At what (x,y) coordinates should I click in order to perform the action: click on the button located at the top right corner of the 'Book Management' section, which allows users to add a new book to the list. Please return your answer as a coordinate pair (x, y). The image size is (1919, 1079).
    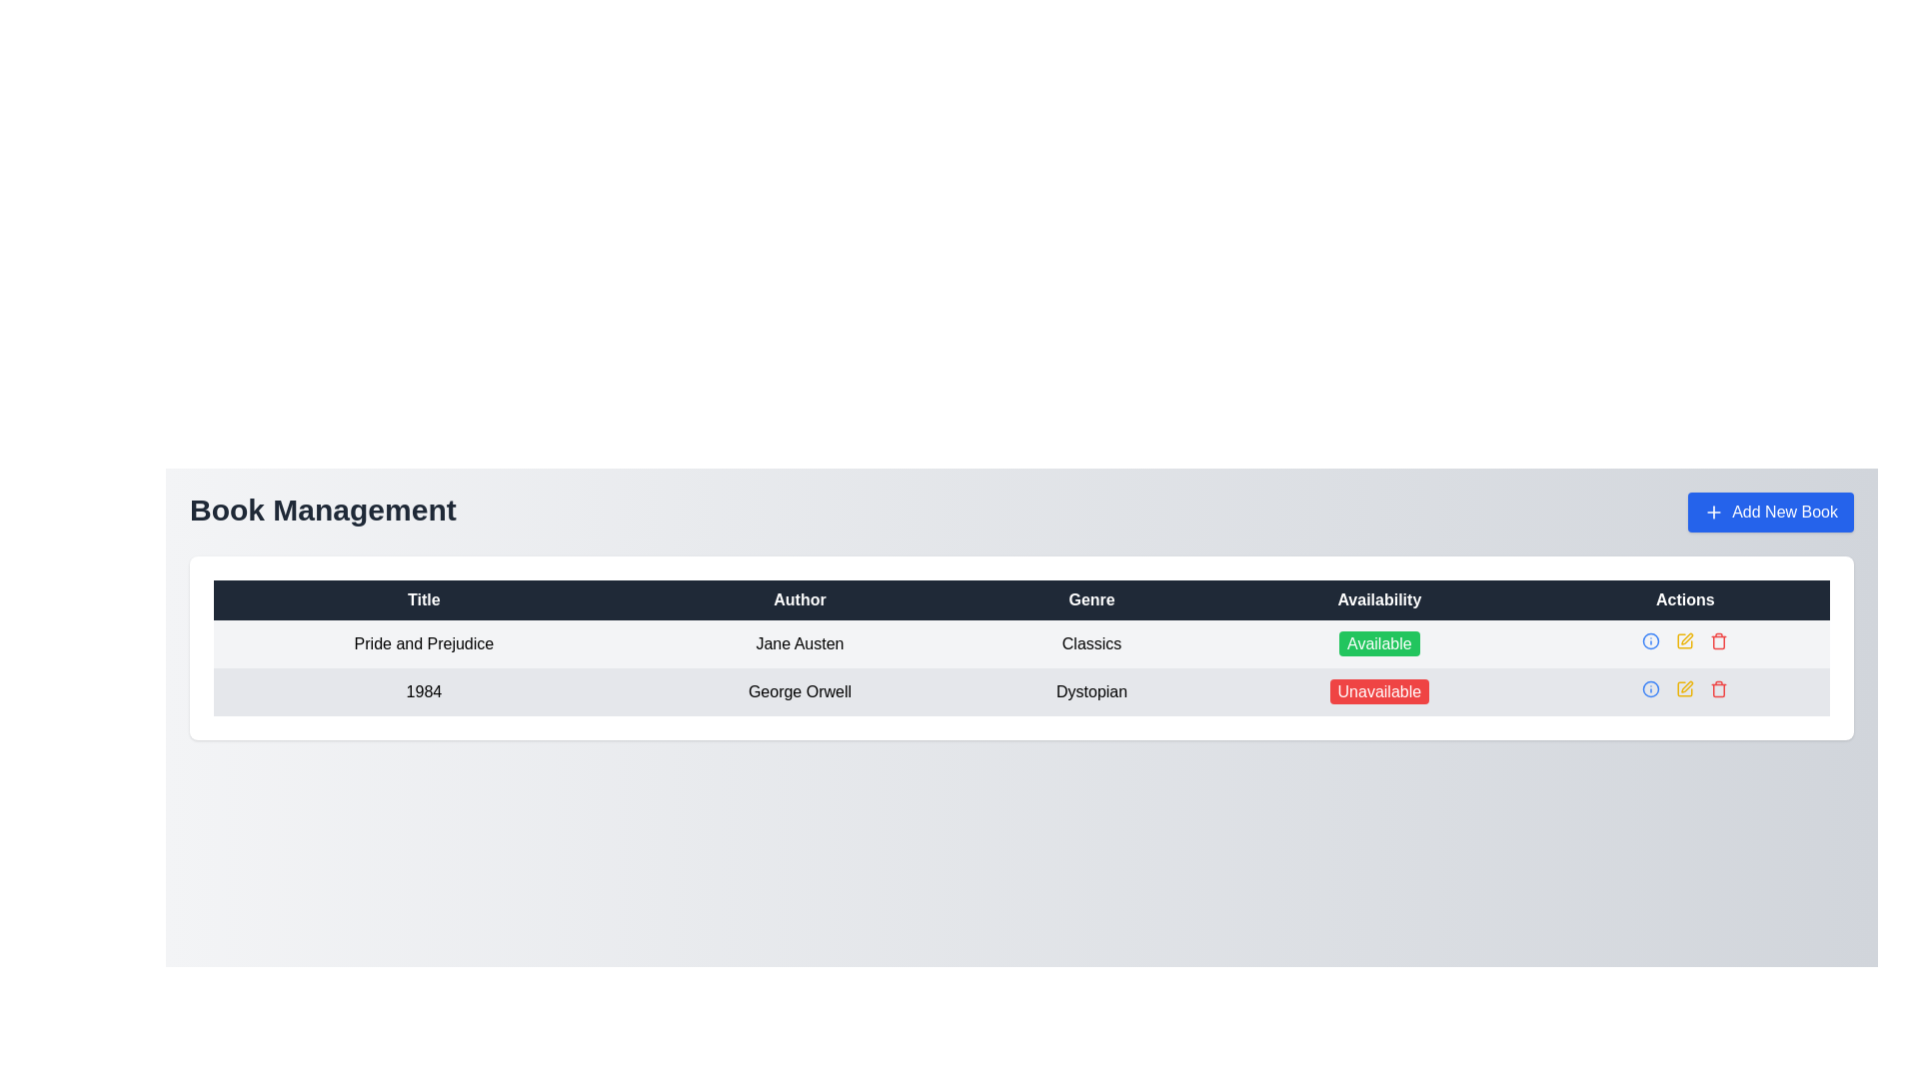
    Looking at the image, I should click on (1771, 512).